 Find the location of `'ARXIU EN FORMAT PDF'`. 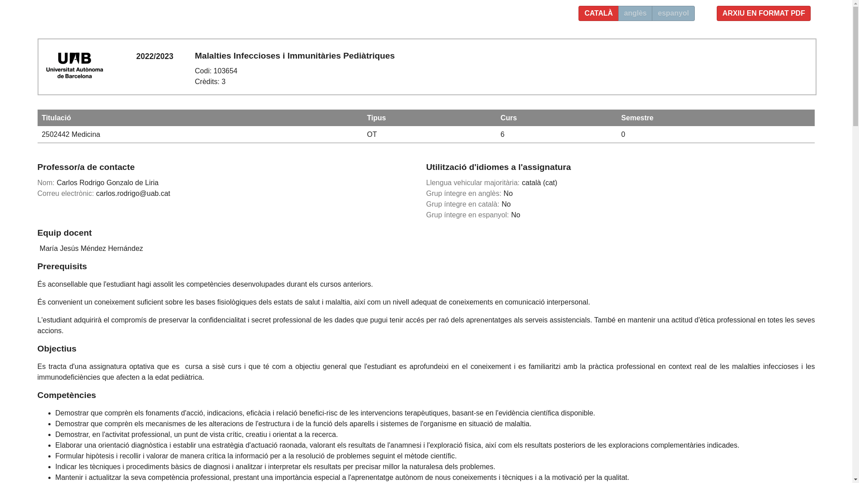

'ARXIU EN FORMAT PDF' is located at coordinates (763, 13).